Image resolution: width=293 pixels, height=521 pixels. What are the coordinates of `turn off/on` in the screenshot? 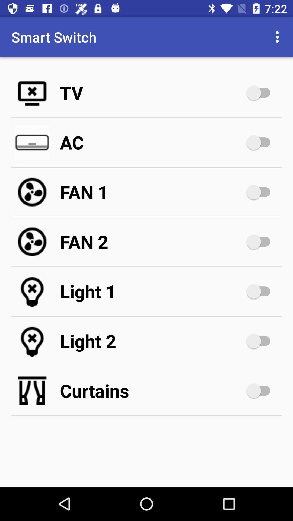 It's located at (261, 192).